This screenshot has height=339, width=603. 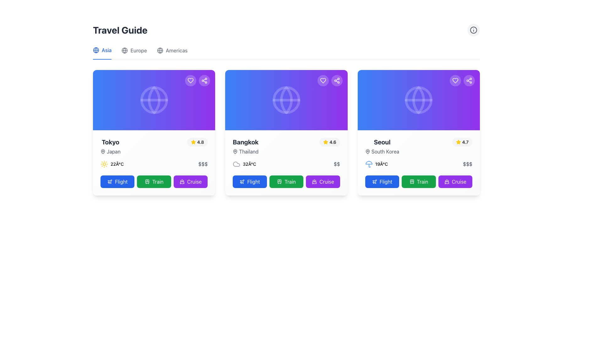 What do you see at coordinates (376, 164) in the screenshot?
I see `text value displayed in the weather information component for Seoul, located just below the main card title and subtitle` at bounding box center [376, 164].